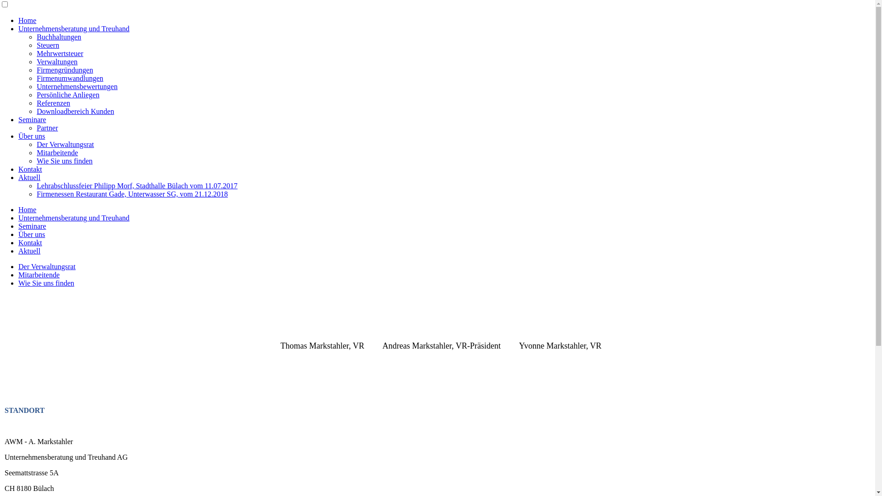  I want to click on 'Der Verwaltungsrat', so click(18, 266).